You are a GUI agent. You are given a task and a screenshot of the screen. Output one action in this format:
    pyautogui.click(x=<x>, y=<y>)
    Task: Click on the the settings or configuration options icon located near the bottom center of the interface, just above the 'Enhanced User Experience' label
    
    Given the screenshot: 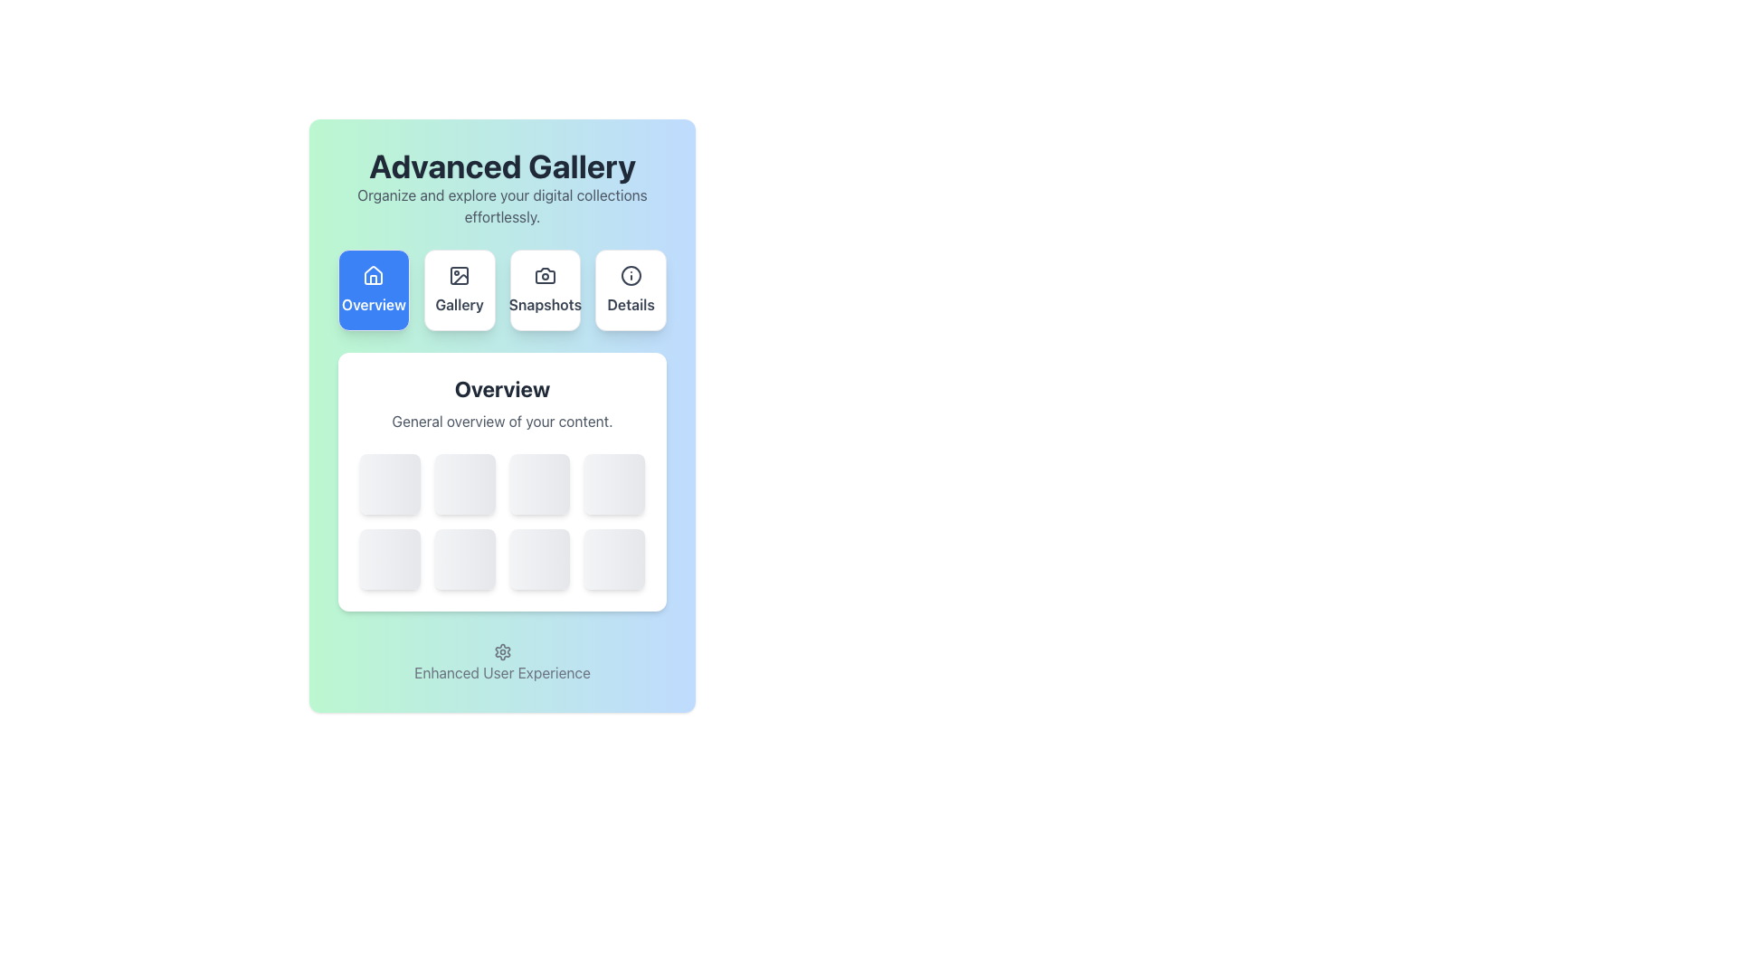 What is the action you would take?
    pyautogui.click(x=502, y=652)
    